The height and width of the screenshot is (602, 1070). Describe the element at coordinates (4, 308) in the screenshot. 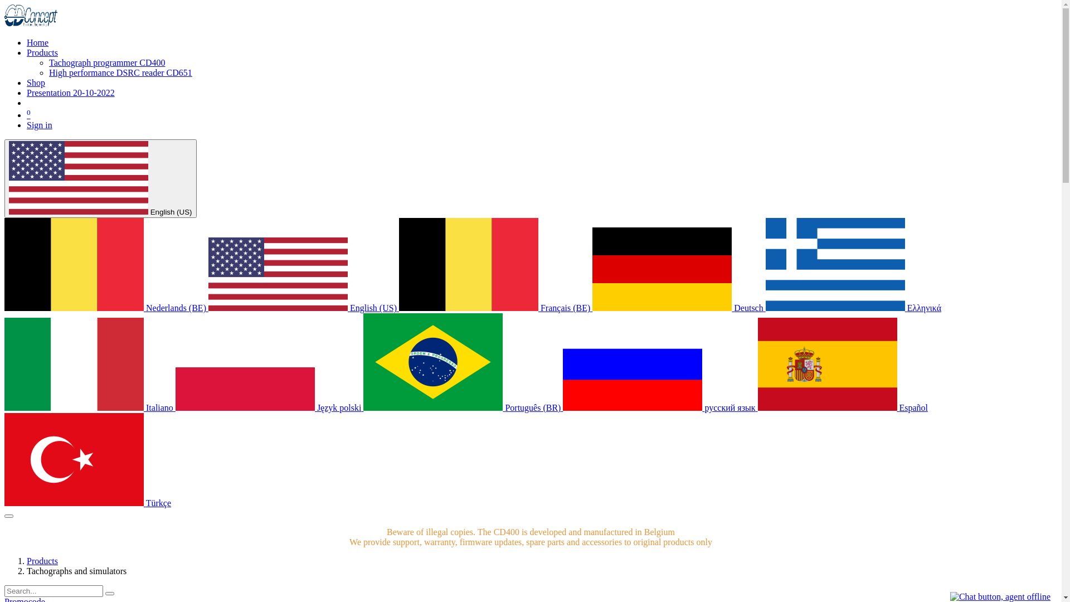

I see `'Nederlands (BE)'` at that location.